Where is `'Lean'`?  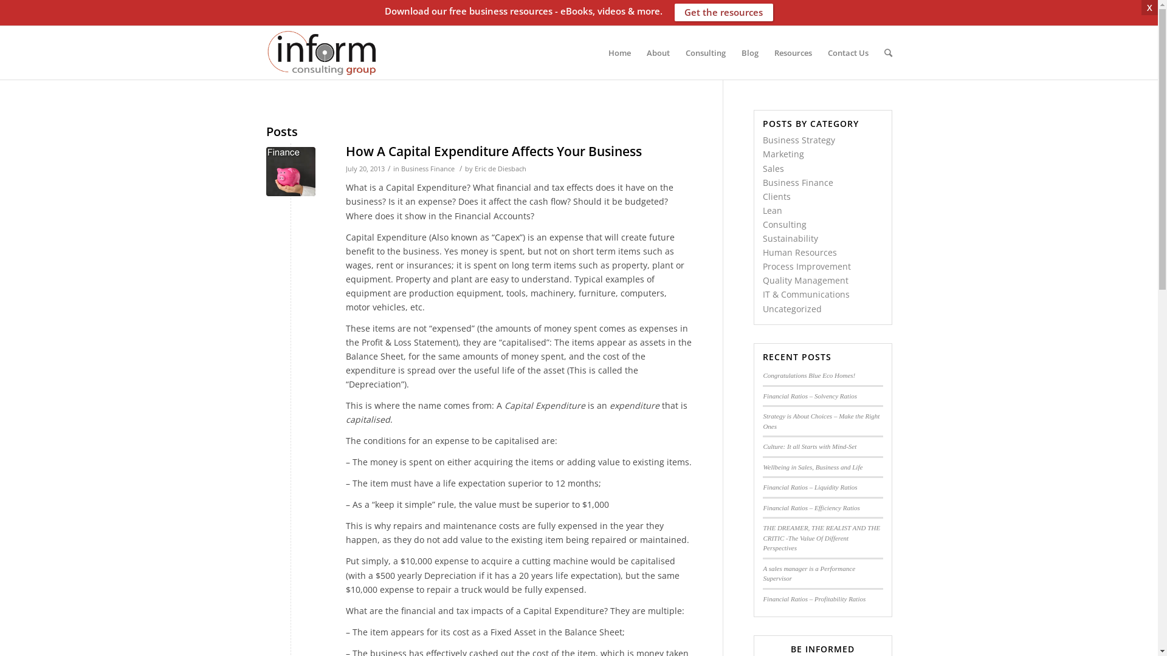 'Lean' is located at coordinates (762, 210).